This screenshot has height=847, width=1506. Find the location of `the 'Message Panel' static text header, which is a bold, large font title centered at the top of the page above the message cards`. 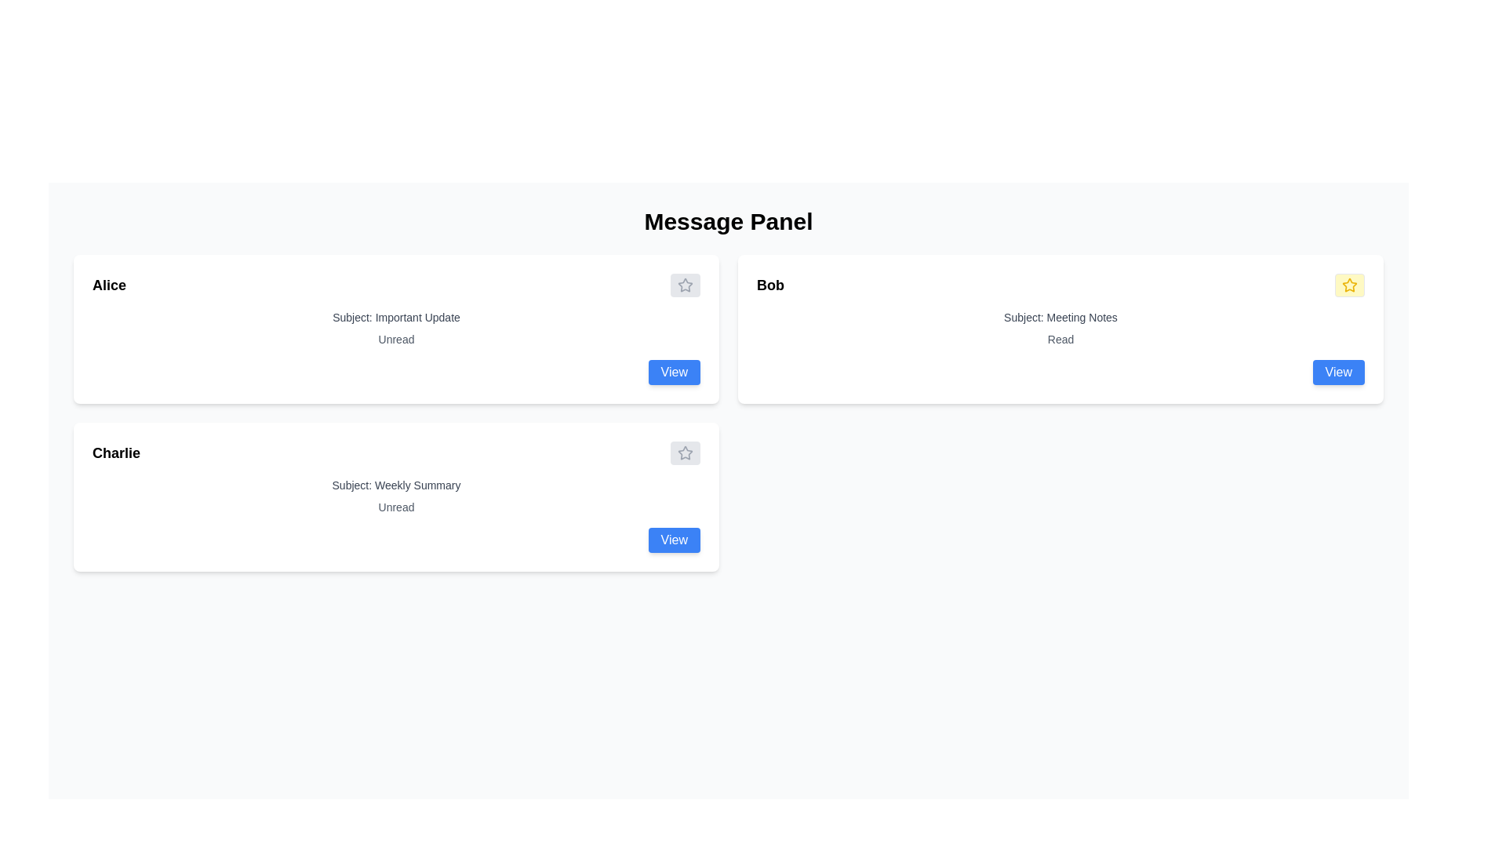

the 'Message Panel' static text header, which is a bold, large font title centered at the top of the page above the message cards is located at coordinates (728, 221).